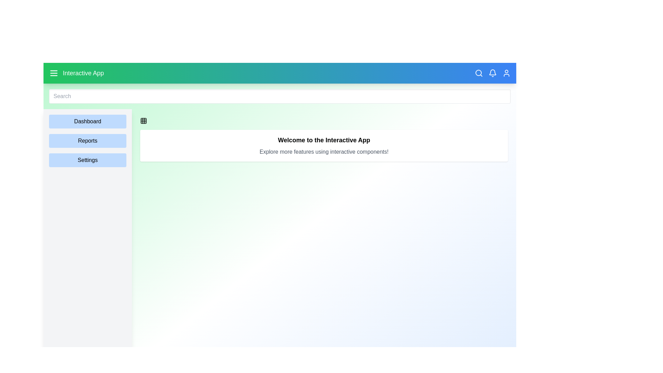  Describe the element at coordinates (507, 73) in the screenshot. I see `the user icon to interact with it` at that location.